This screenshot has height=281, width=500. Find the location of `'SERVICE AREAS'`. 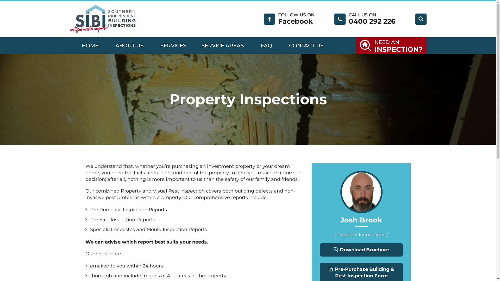

'SERVICE AREAS' is located at coordinates (222, 45).